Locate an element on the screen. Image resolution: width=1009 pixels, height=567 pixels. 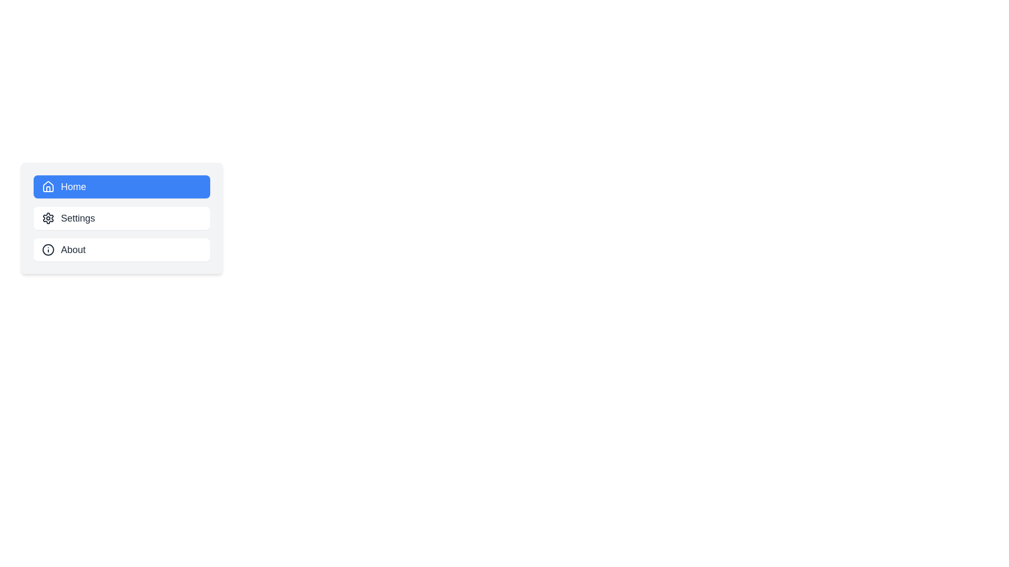
the 'Settings' text element, which is the second item in the vertical navigation menu, located to the right of the cogwheel icon is located at coordinates (77, 218).